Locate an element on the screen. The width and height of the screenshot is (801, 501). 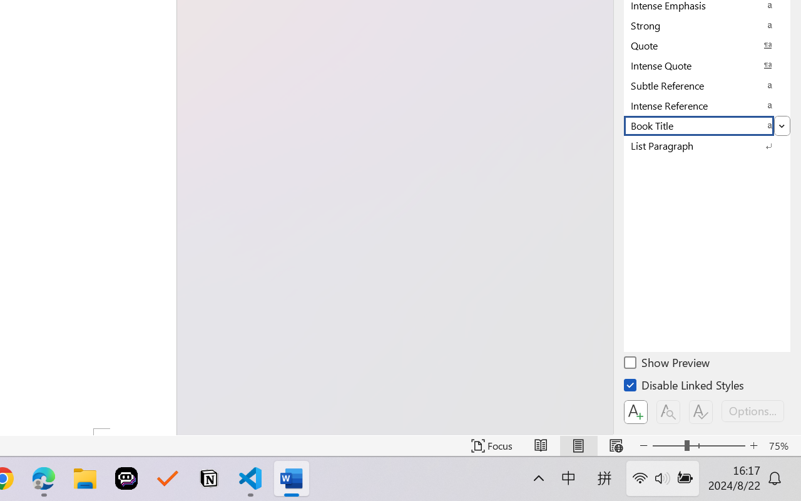
'List Paragraph' is located at coordinates (707, 145).